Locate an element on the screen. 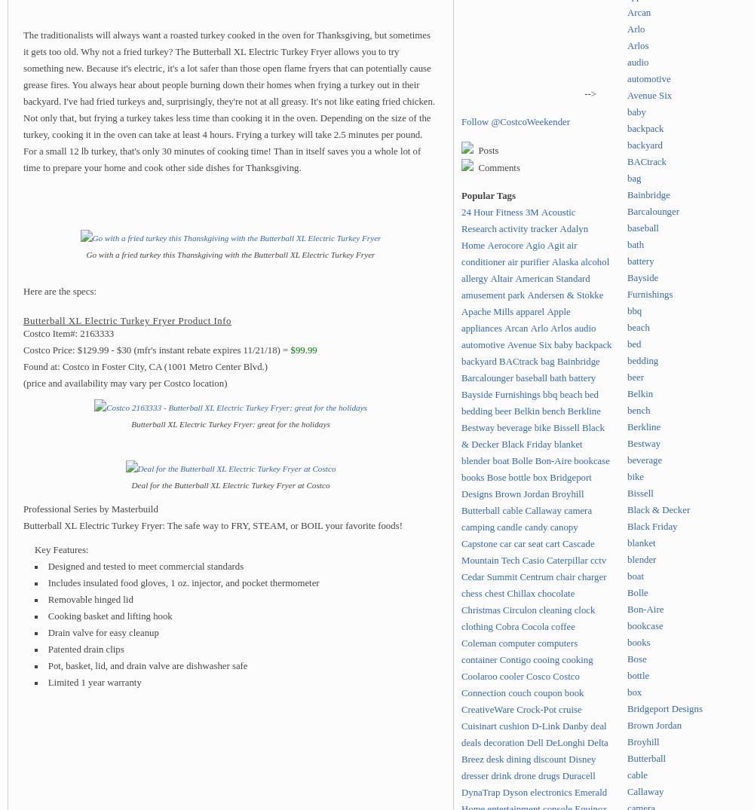 The image size is (754, 810). '(price and availability may vary per Costco location)' is located at coordinates (125, 382).